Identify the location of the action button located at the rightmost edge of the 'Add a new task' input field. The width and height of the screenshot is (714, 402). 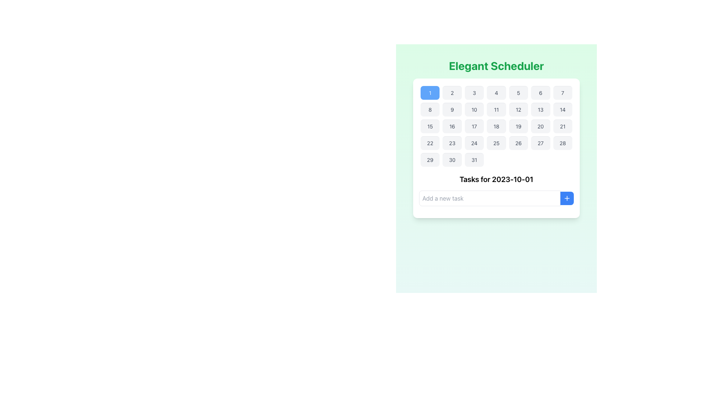
(567, 198).